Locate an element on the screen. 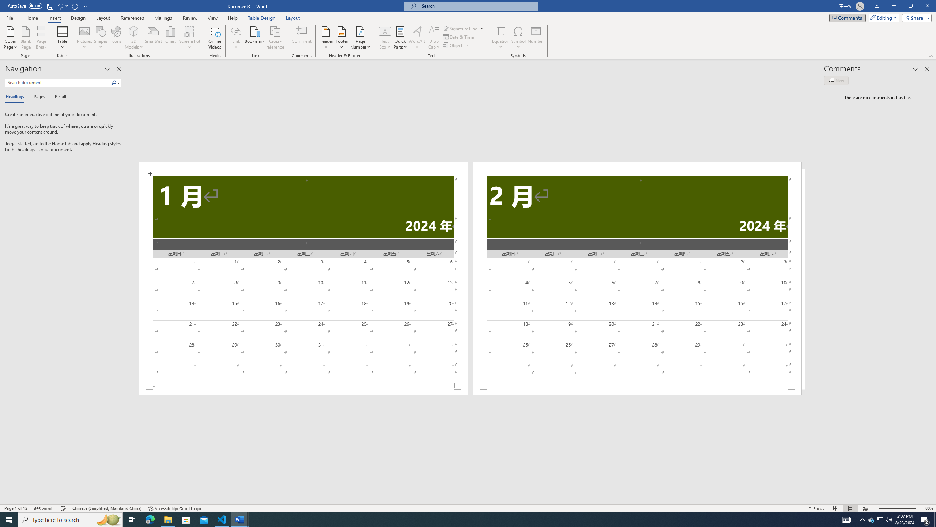 The image size is (936, 527). 'Headings' is located at coordinates (16, 97).